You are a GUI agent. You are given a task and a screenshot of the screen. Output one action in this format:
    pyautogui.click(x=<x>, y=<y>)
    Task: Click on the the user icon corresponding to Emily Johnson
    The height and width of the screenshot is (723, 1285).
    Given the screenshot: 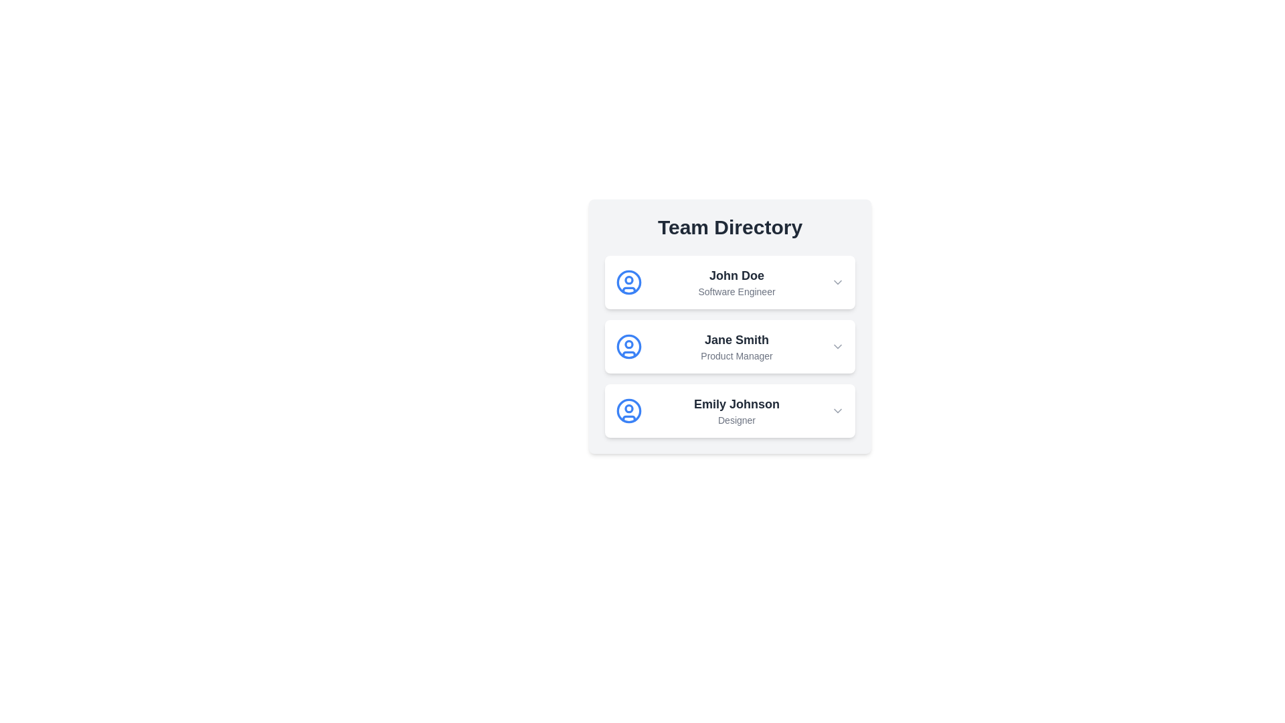 What is the action you would take?
    pyautogui.click(x=628, y=410)
    